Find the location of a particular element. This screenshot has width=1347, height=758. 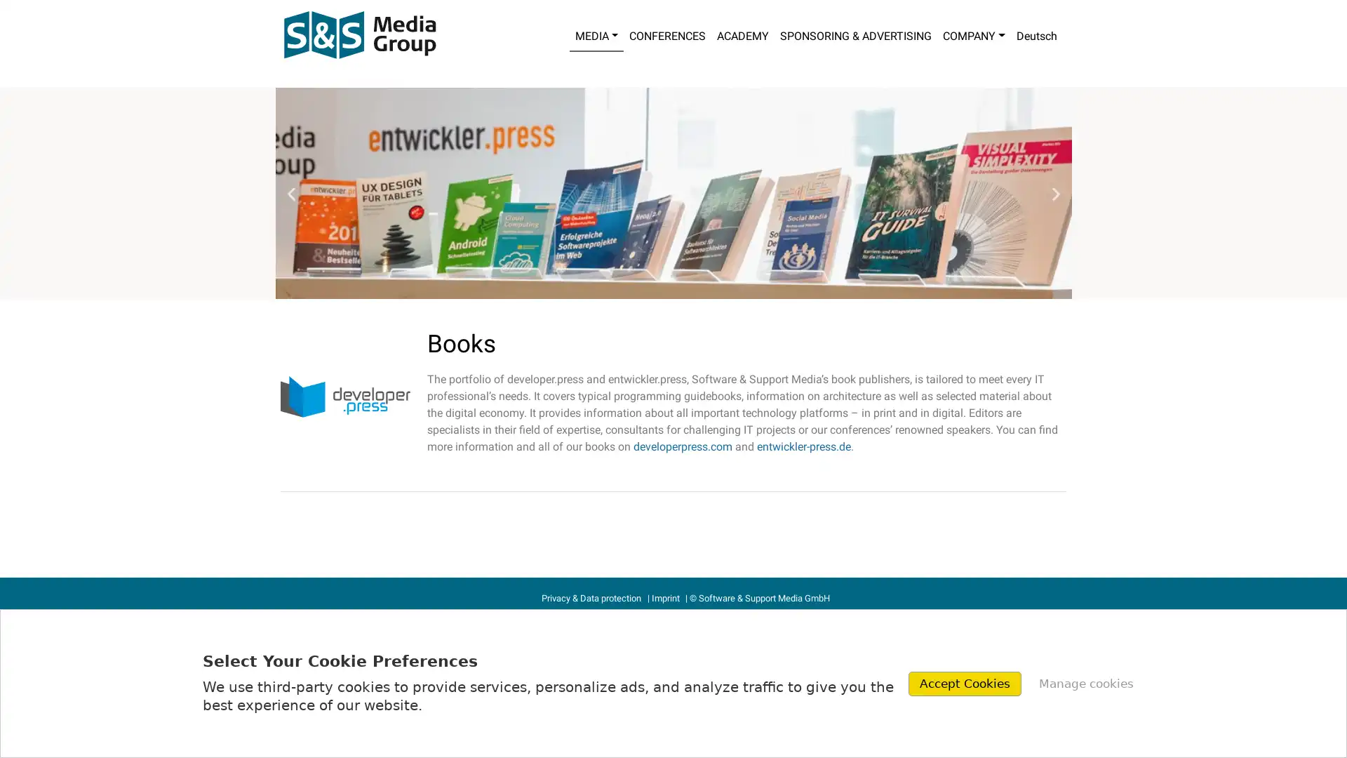

Previous slide is located at coordinates (290, 193).